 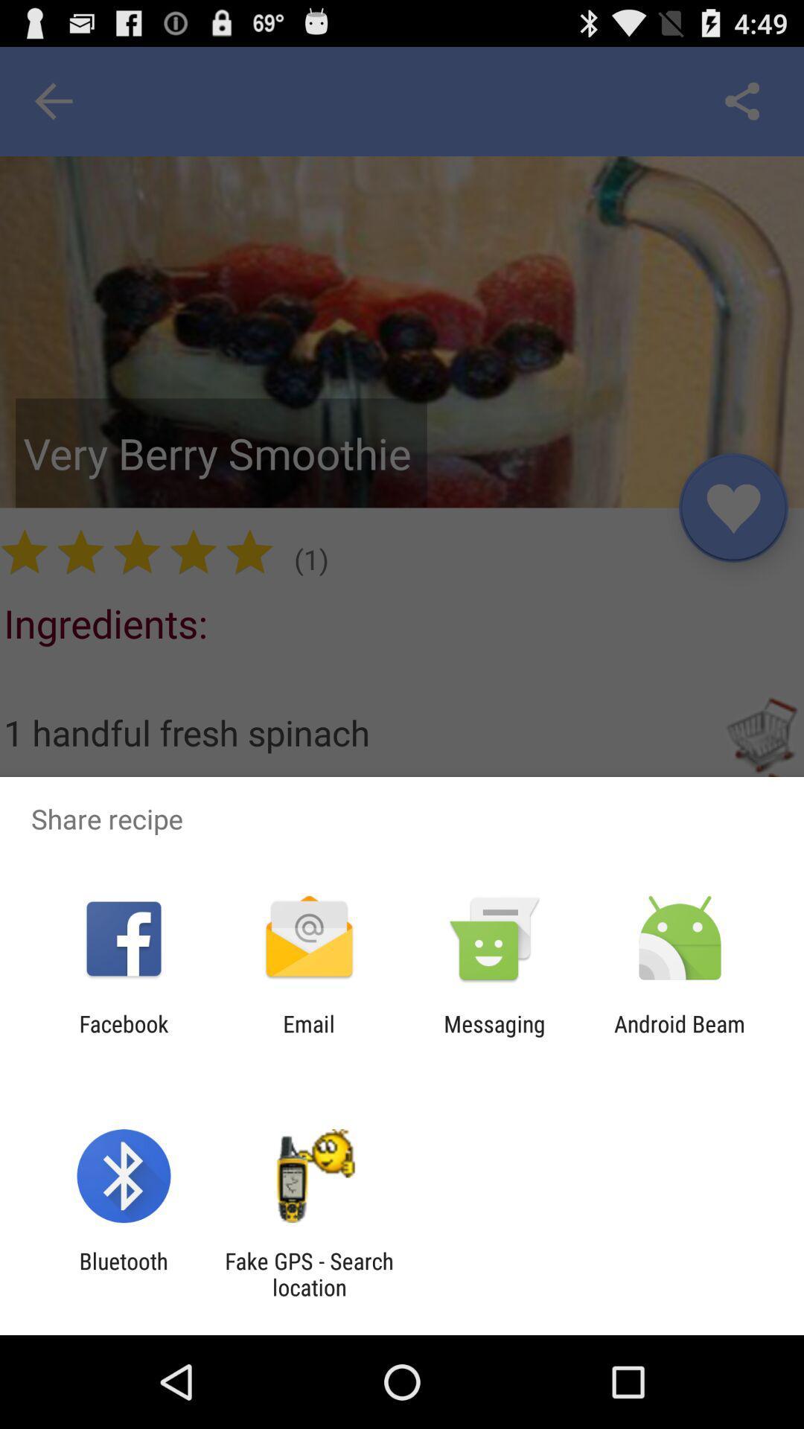 I want to click on item to the left of the android beam item, so click(x=494, y=1036).